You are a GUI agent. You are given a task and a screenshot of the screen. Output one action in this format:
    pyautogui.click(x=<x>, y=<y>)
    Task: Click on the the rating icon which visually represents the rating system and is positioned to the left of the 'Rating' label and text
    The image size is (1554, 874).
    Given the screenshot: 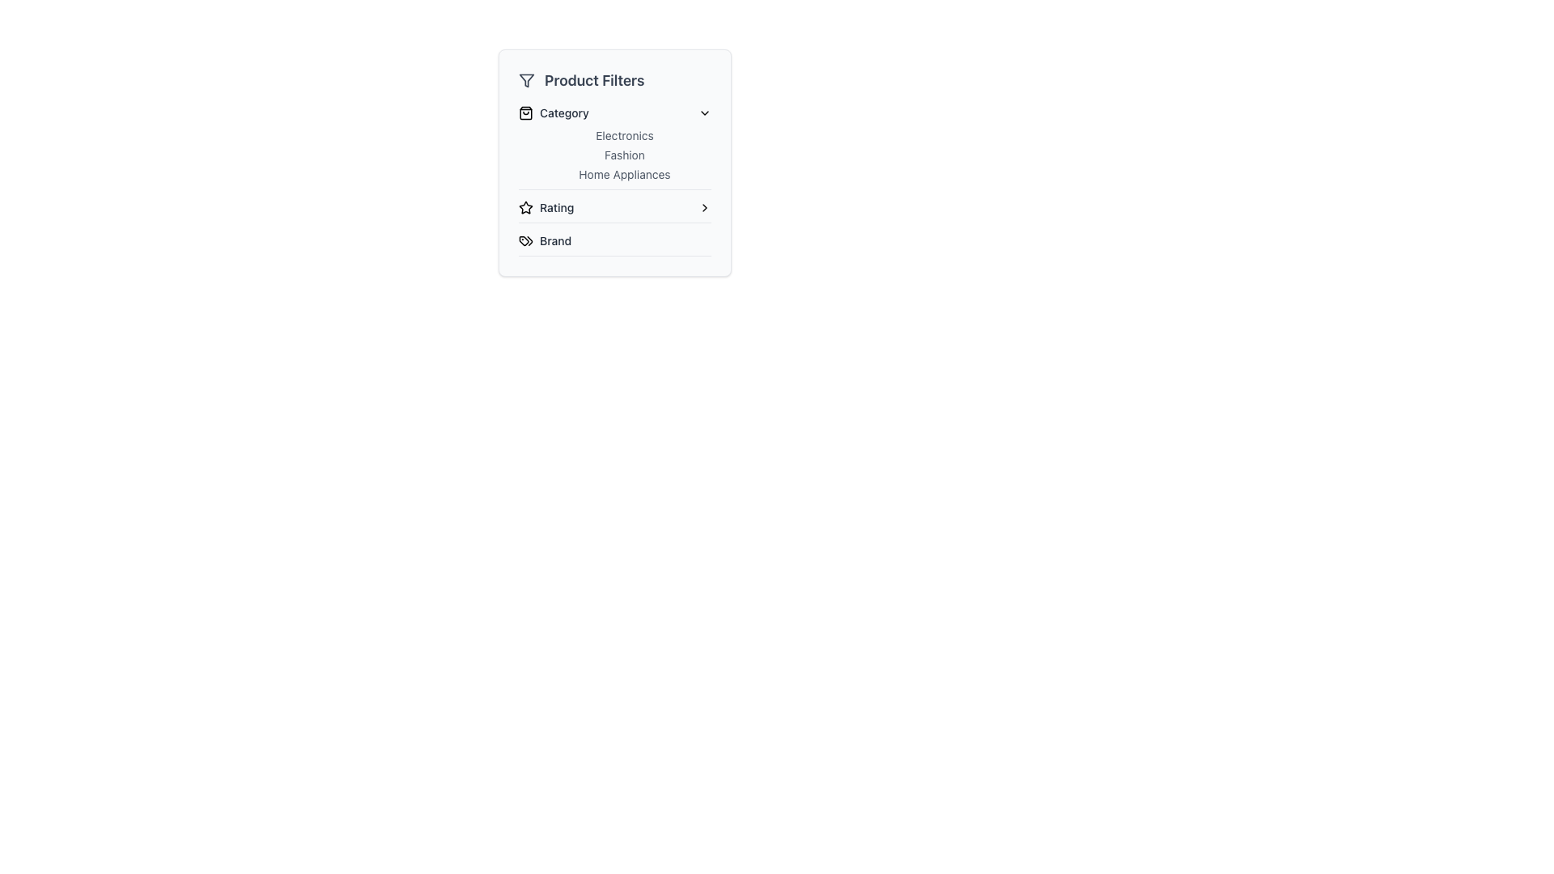 What is the action you would take?
    pyautogui.click(x=525, y=207)
    